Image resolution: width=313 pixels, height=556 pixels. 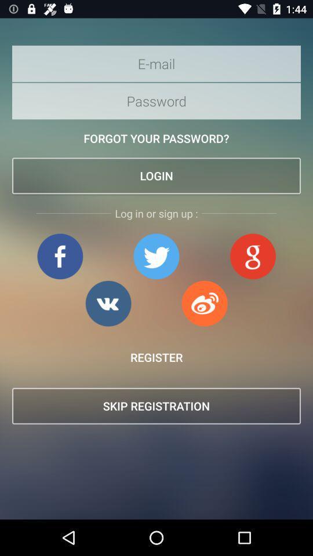 What do you see at coordinates (204, 303) in the screenshot?
I see `login in with app` at bounding box center [204, 303].